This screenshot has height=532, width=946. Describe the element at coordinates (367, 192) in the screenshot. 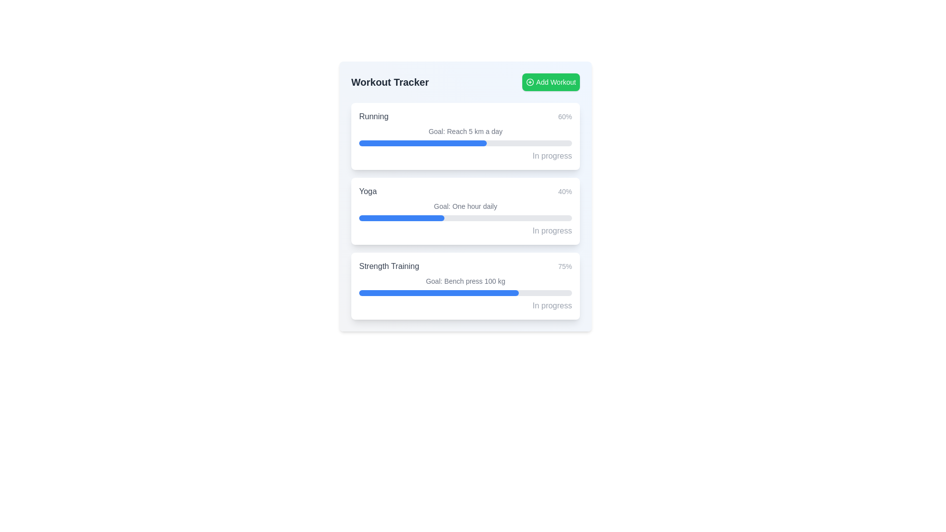

I see `the text label reading 'Yoga' which is styled with a medium font weight and gray color (#707070), located near the top-left corner of the second card in a workout tracker interface` at that location.